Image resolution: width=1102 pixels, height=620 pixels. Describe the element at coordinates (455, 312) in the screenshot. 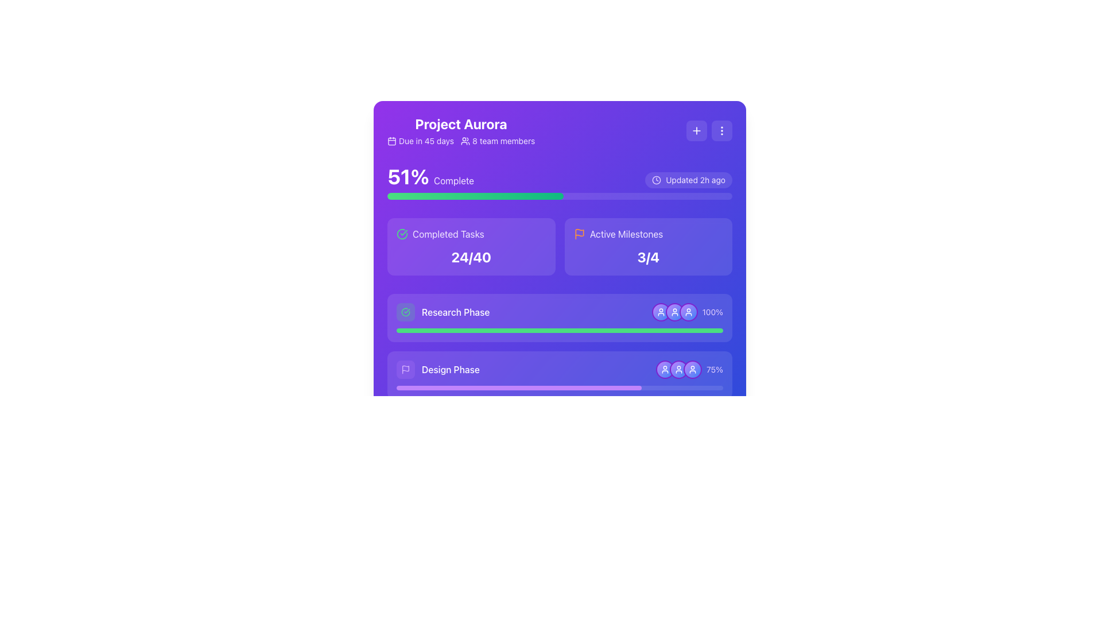

I see `the 'Research Phase' text label element which has a medium font weight, white color, and is set against a purple background, indicating its position above a progress bar in the stacked list of phases` at that location.